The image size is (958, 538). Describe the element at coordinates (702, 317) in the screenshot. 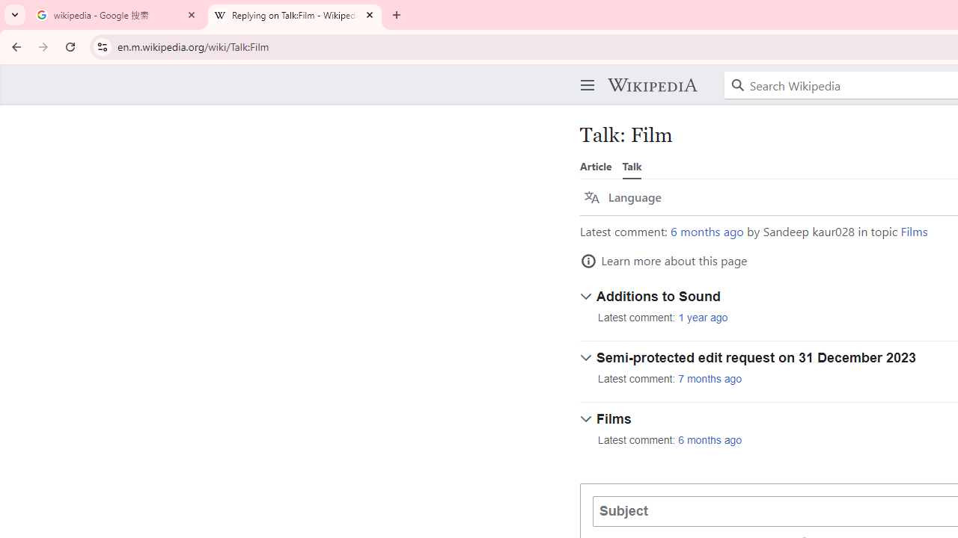

I see `'1 year ago'` at that location.